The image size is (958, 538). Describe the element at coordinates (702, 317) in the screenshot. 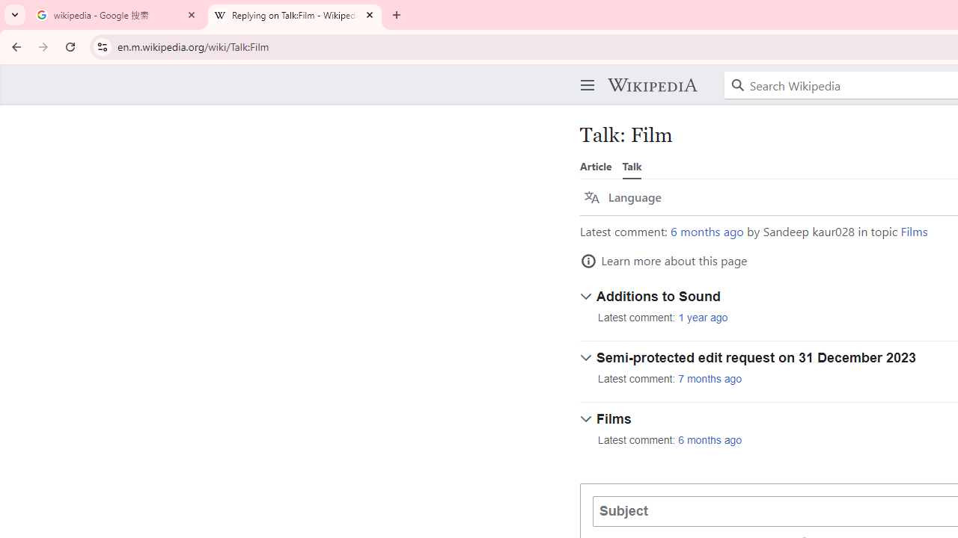

I see `'1 year ago'` at that location.